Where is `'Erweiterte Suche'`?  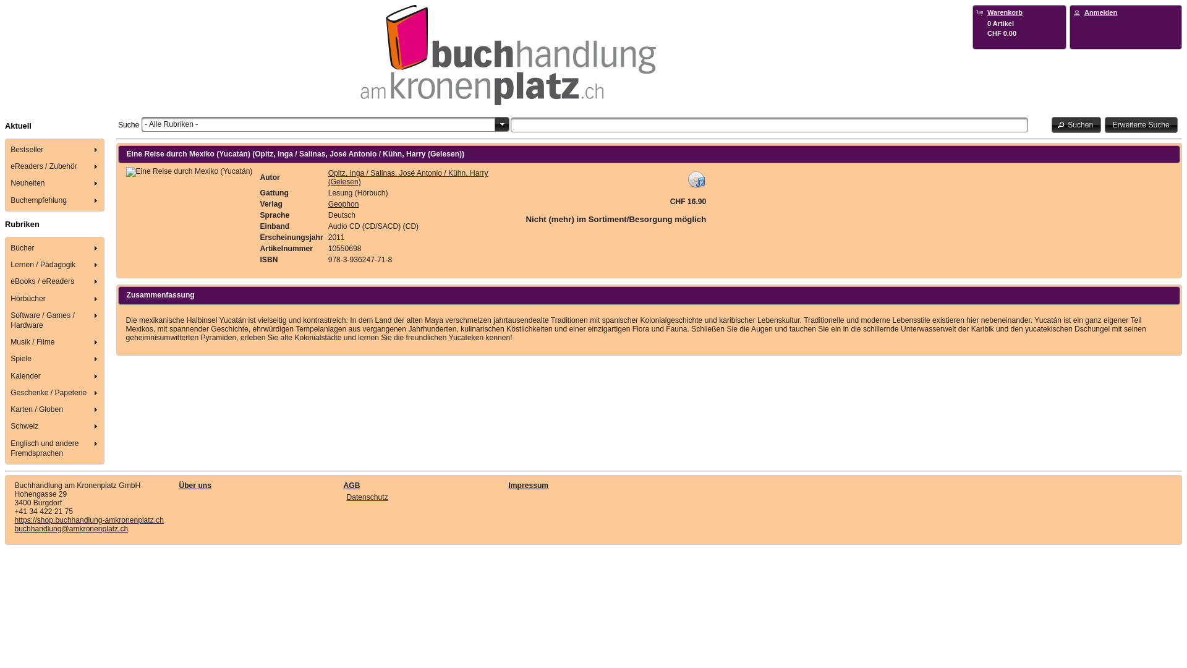
'Erweiterte Suche' is located at coordinates (1141, 124).